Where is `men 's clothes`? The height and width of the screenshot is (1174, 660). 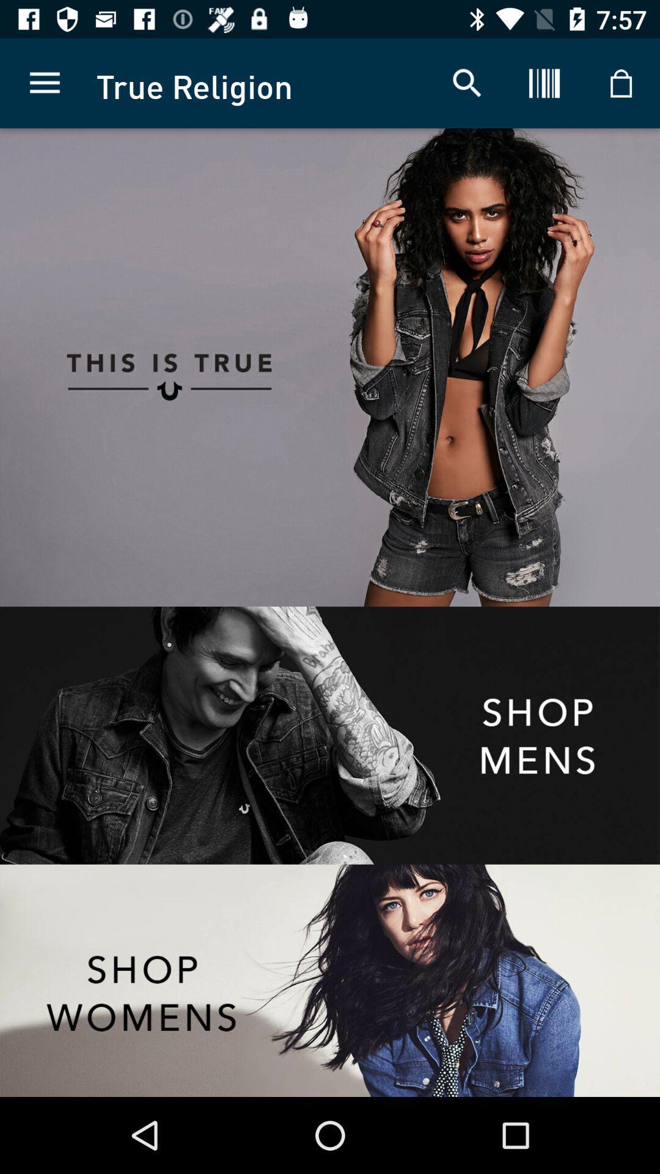
men 's clothes is located at coordinates (330, 735).